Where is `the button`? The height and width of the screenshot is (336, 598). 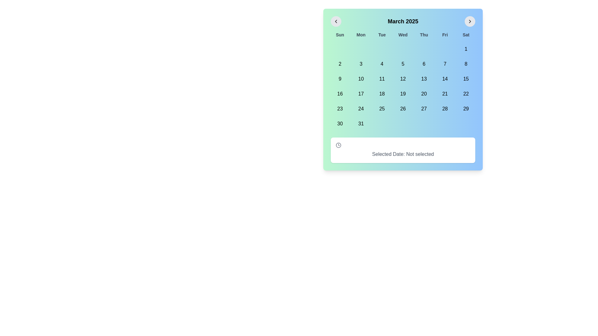 the button is located at coordinates (336, 21).